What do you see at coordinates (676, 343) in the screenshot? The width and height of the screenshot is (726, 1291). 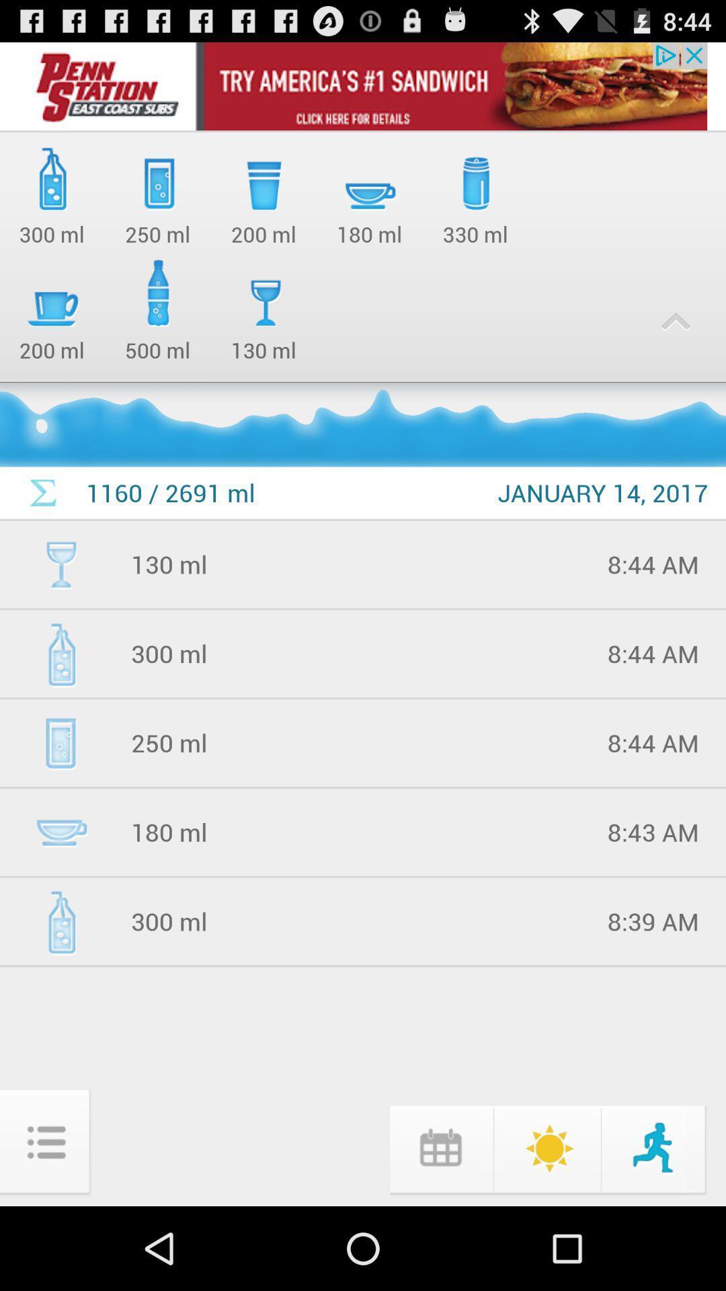 I see `the expand_less icon` at bounding box center [676, 343].